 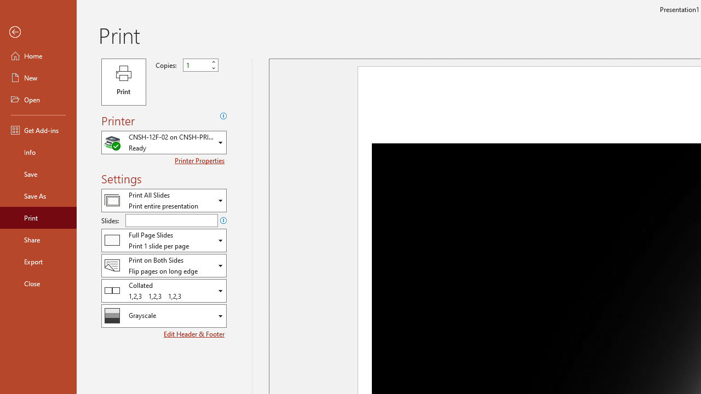 I want to click on 'Slides', so click(x=171, y=220).